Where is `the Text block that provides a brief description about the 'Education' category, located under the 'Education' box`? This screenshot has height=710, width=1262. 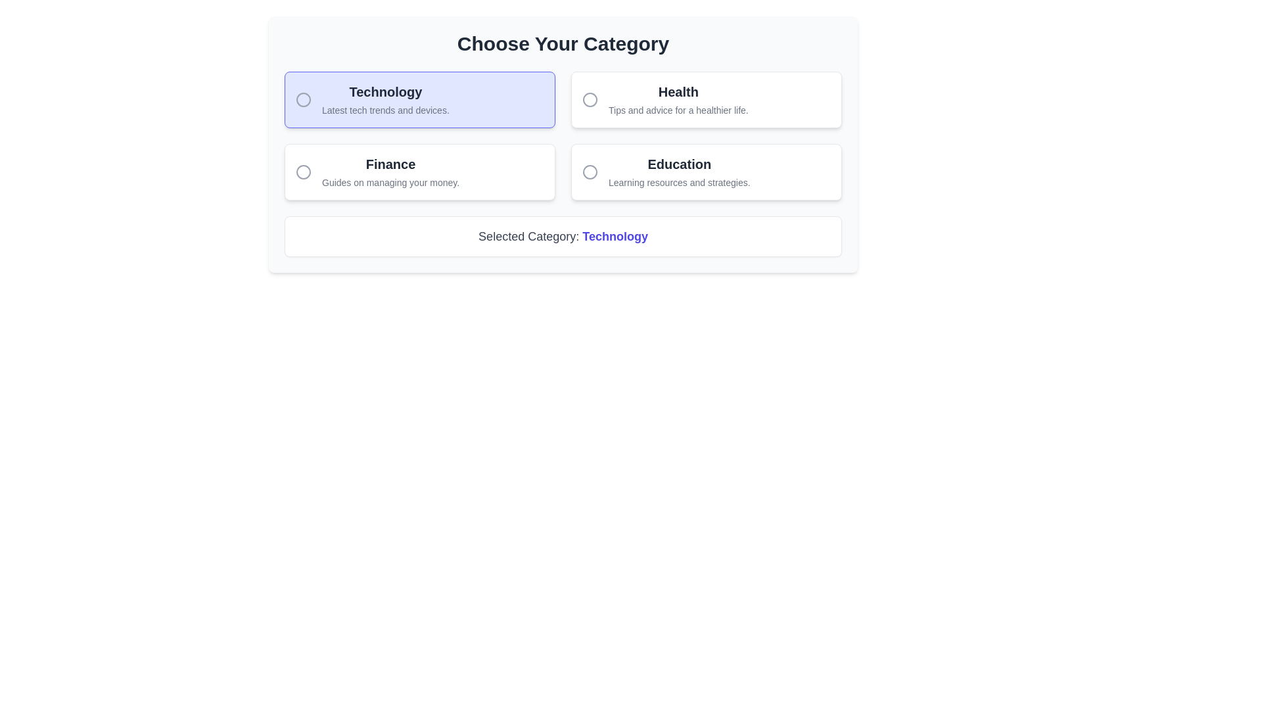
the Text block that provides a brief description about the 'Education' category, located under the 'Education' box is located at coordinates (679, 182).